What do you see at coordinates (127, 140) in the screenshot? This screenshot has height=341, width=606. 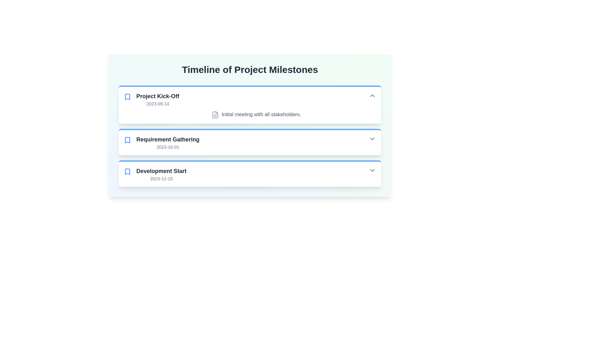 I see `blue bookmark icon located to the left of the 'Requirement Gathering' text and its date '2023-10-01' in the 'Timeline of Project Milestones' interface` at bounding box center [127, 140].